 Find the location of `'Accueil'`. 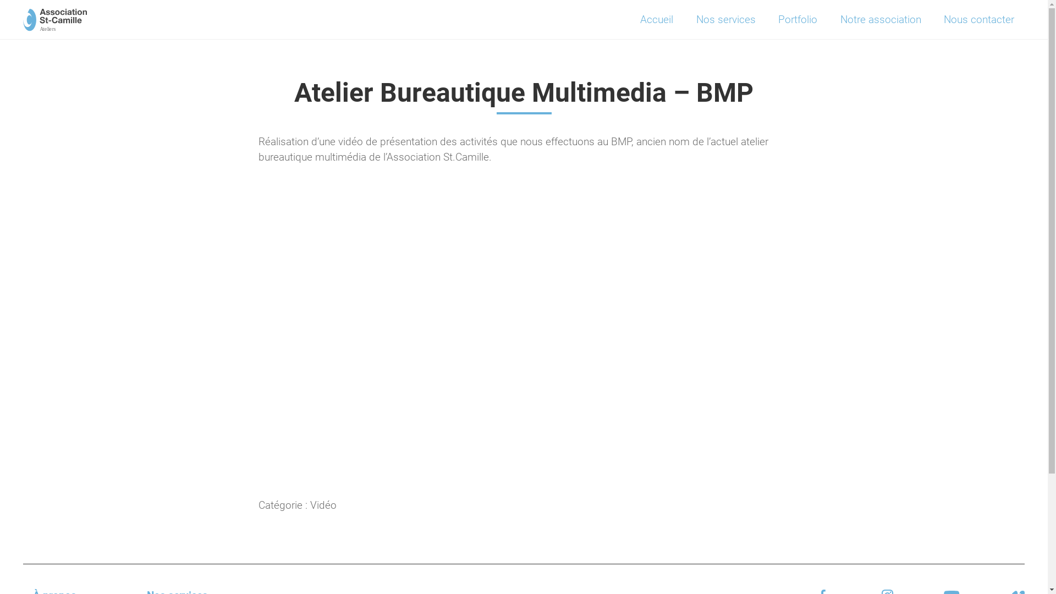

'Accueil' is located at coordinates (657, 19).